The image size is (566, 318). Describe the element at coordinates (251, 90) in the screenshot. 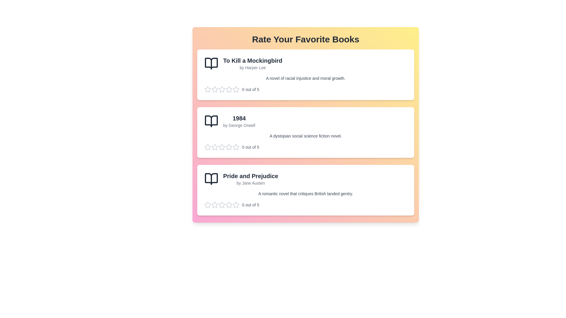

I see `the static text element that displays the current rating value, which shows '0 out of 5', located in the top card of the list, to the right of the five outlined star icons and below the book title 'To Kill a Mockingbird'` at that location.